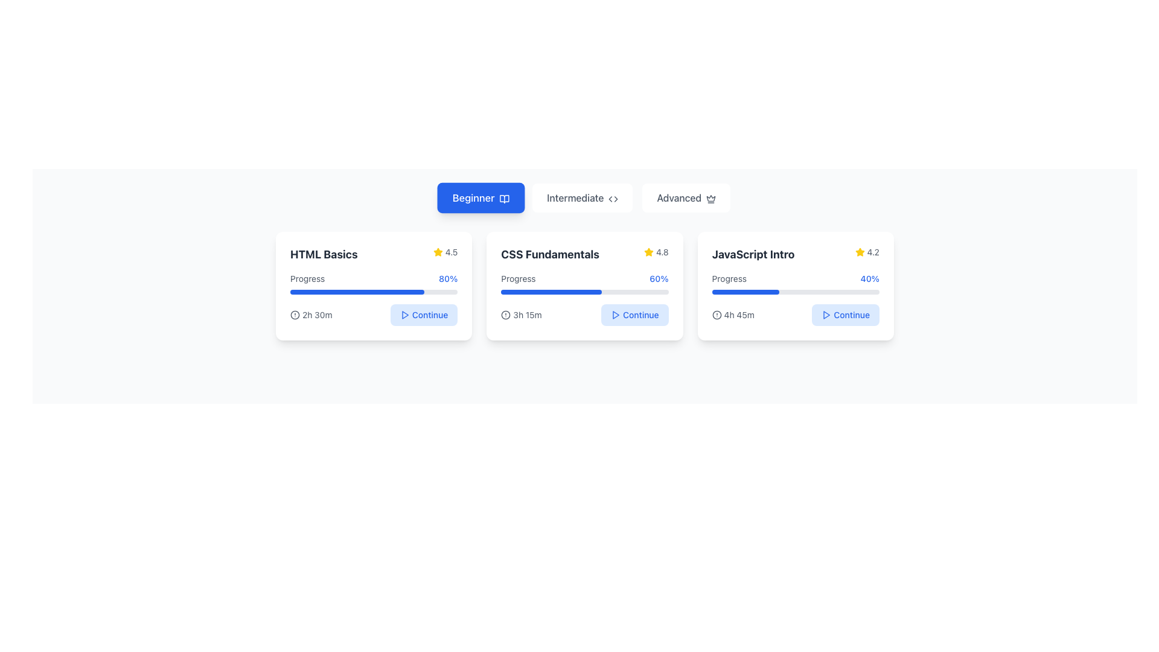 The height and width of the screenshot is (652, 1159). I want to click on 'Progress' label displayed in gray font above the blue progress bar, located in the second card from the left, positioned centrally near the top, so click(519, 279).